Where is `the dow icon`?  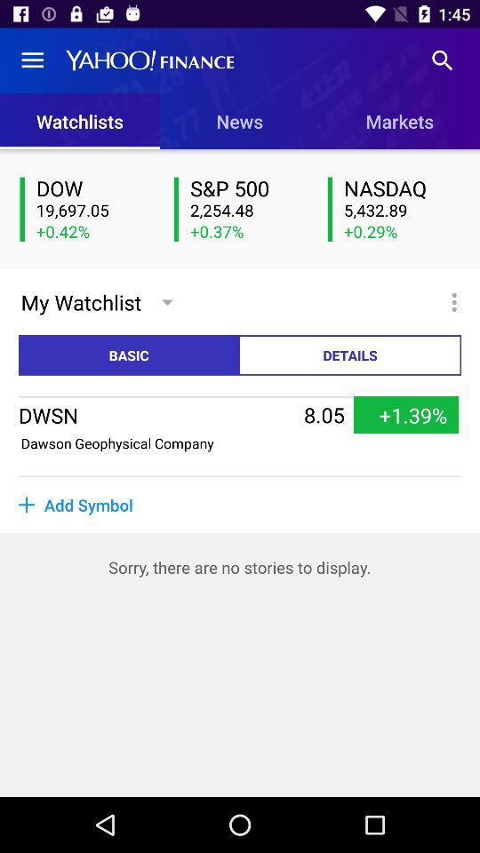 the dow icon is located at coordinates (94, 189).